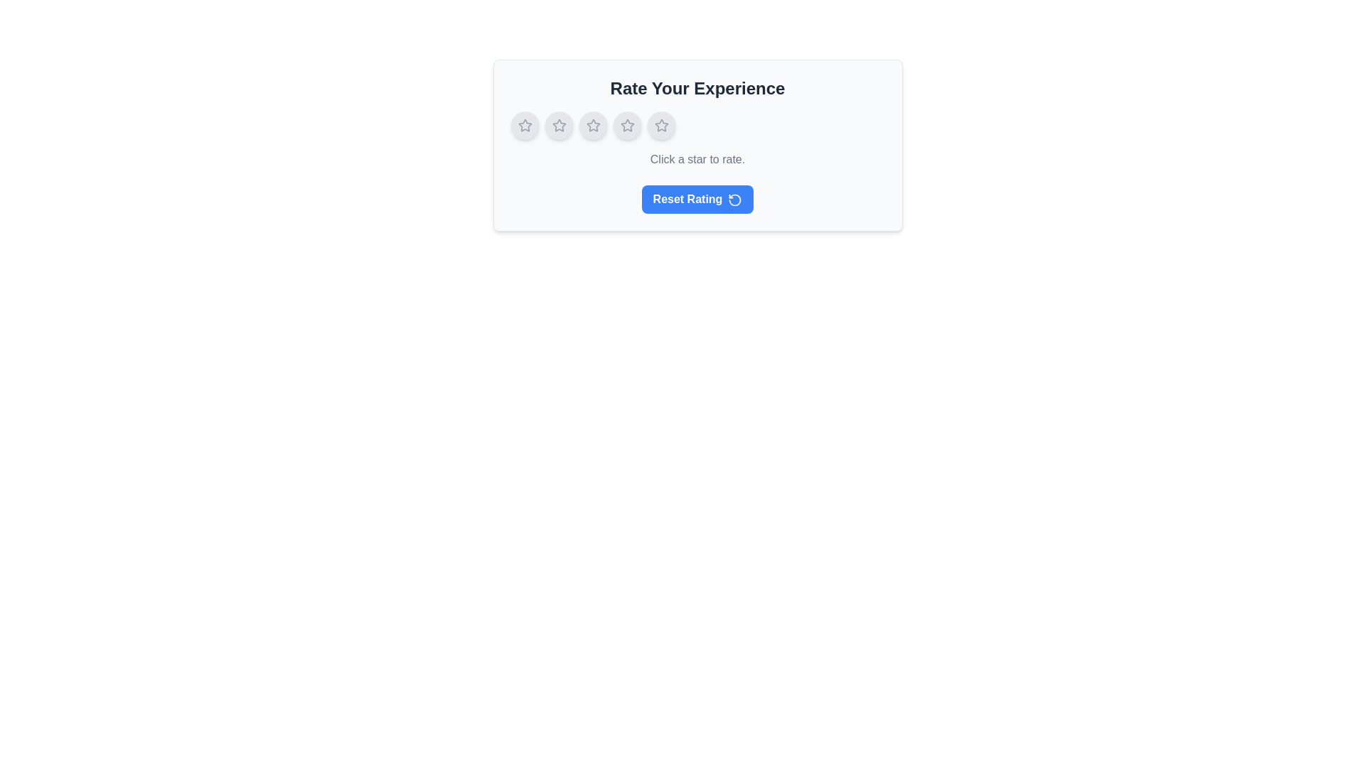 Image resolution: width=1365 pixels, height=767 pixels. I want to click on the fourth star icon in the horizontal row of rating stars, so click(626, 124).